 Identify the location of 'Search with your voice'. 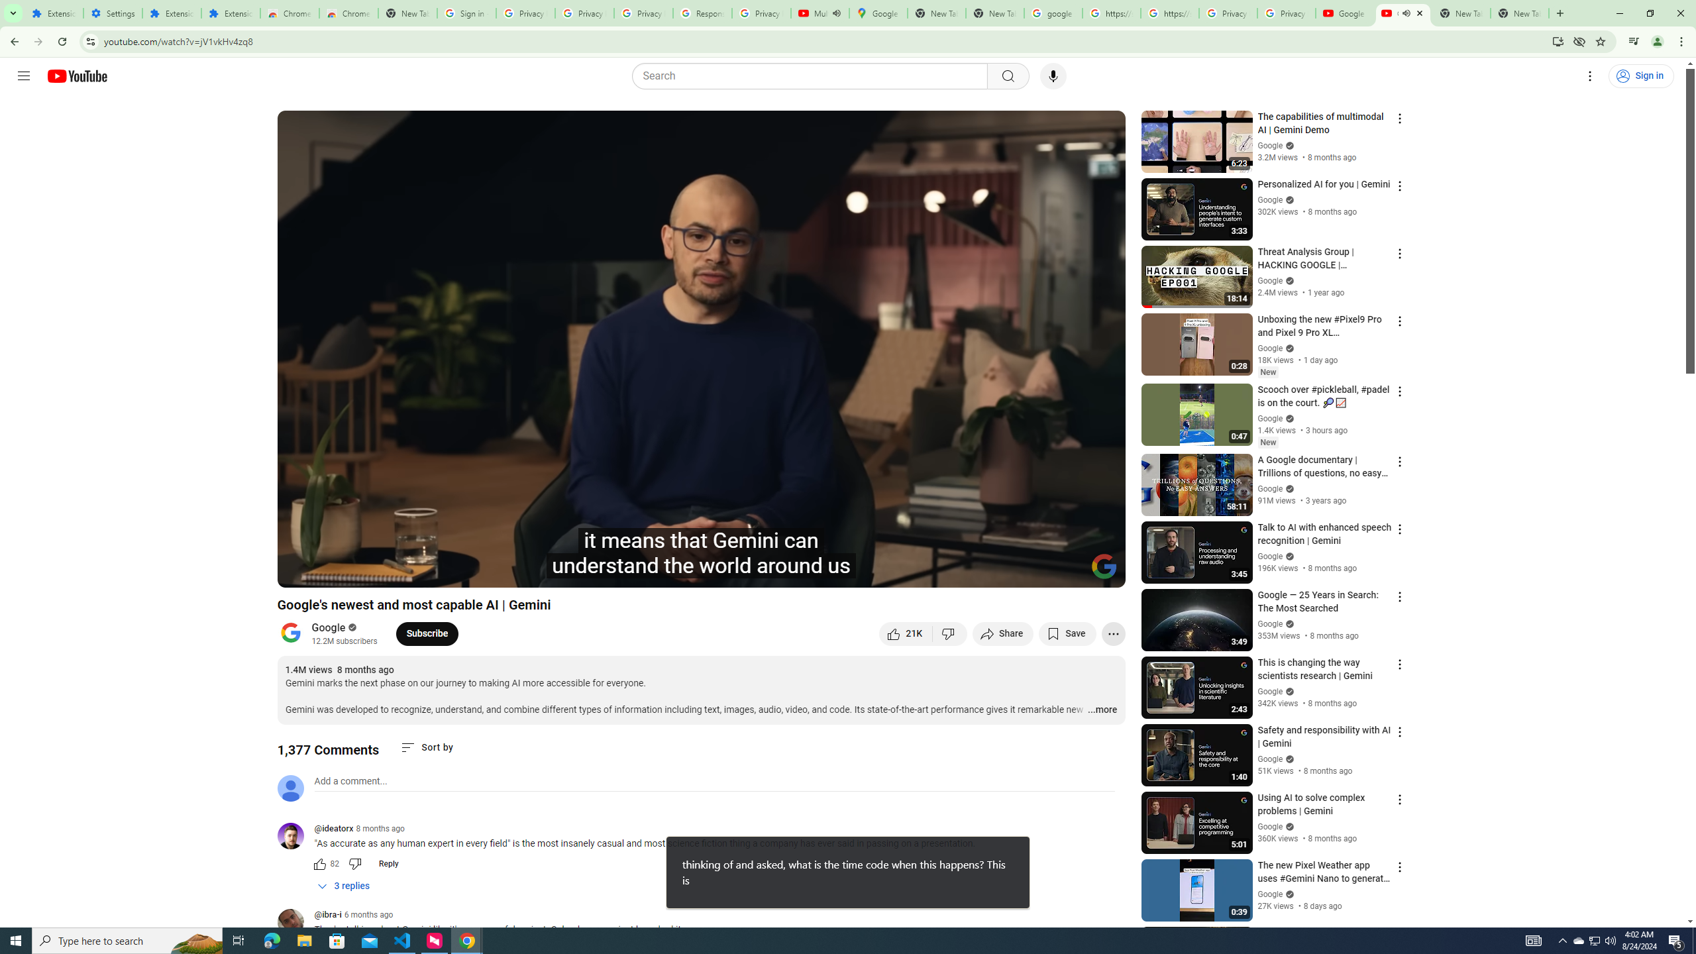
(1053, 76).